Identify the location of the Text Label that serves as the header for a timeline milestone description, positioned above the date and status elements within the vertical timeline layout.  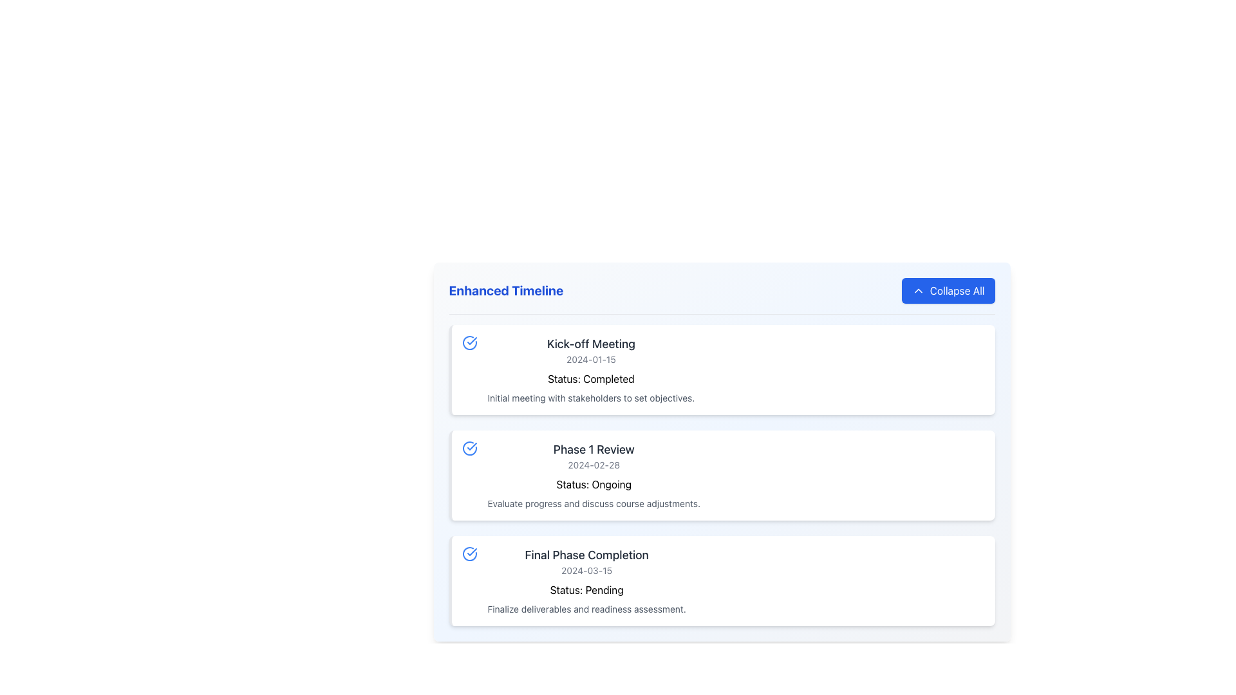
(593, 449).